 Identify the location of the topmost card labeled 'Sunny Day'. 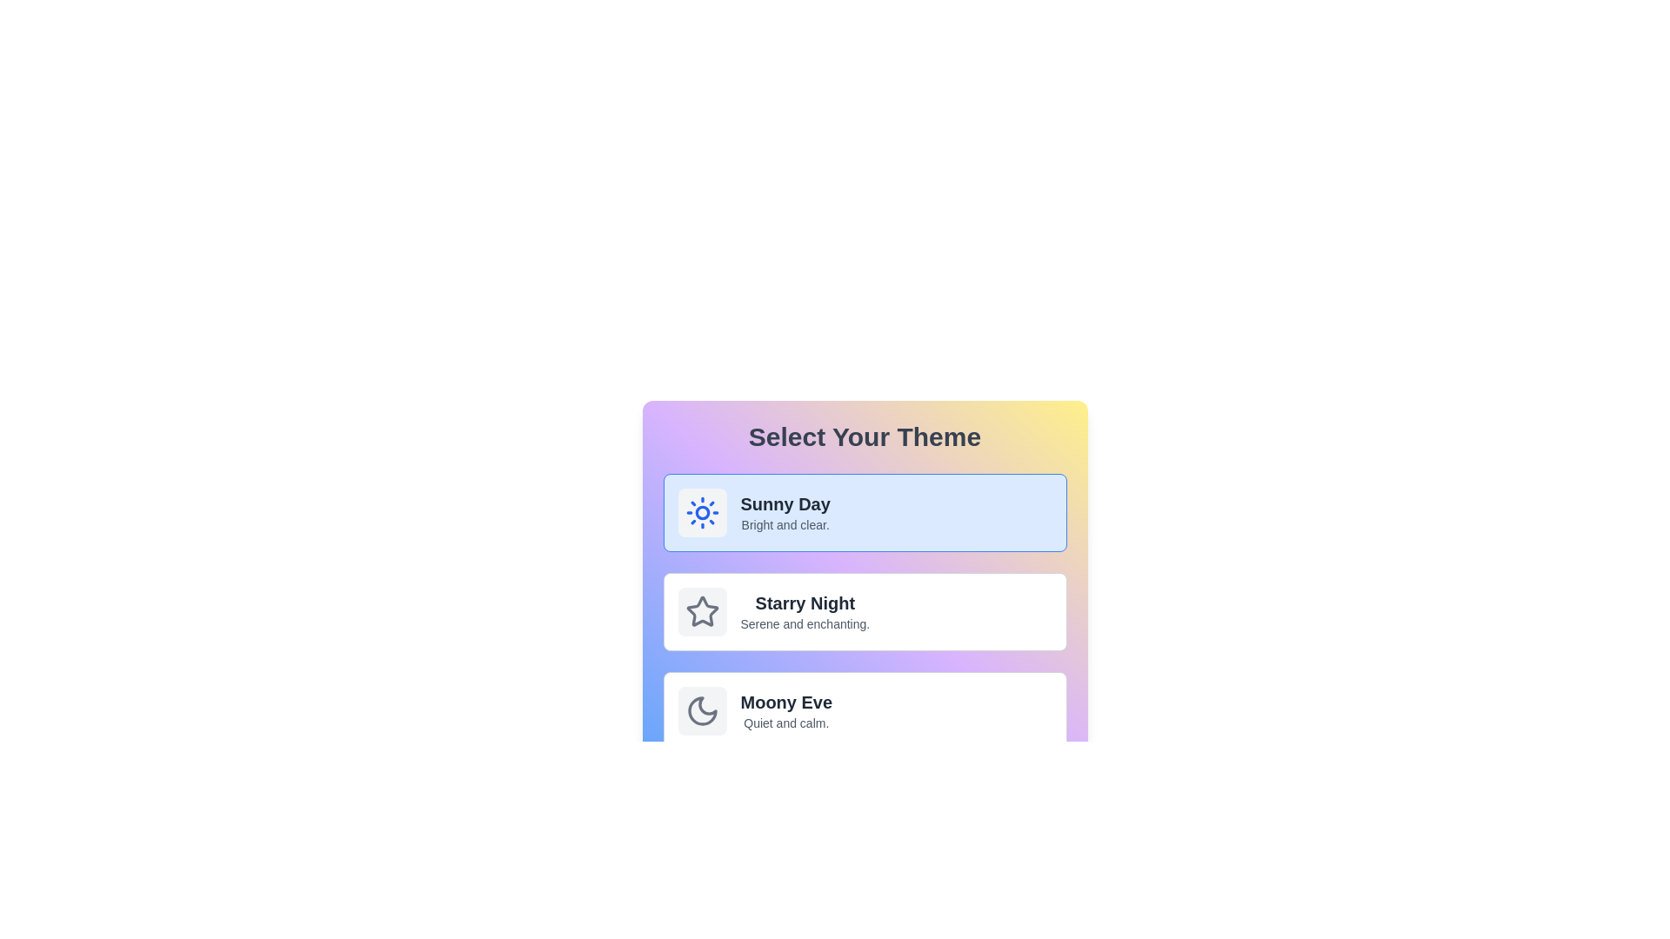
(865, 512).